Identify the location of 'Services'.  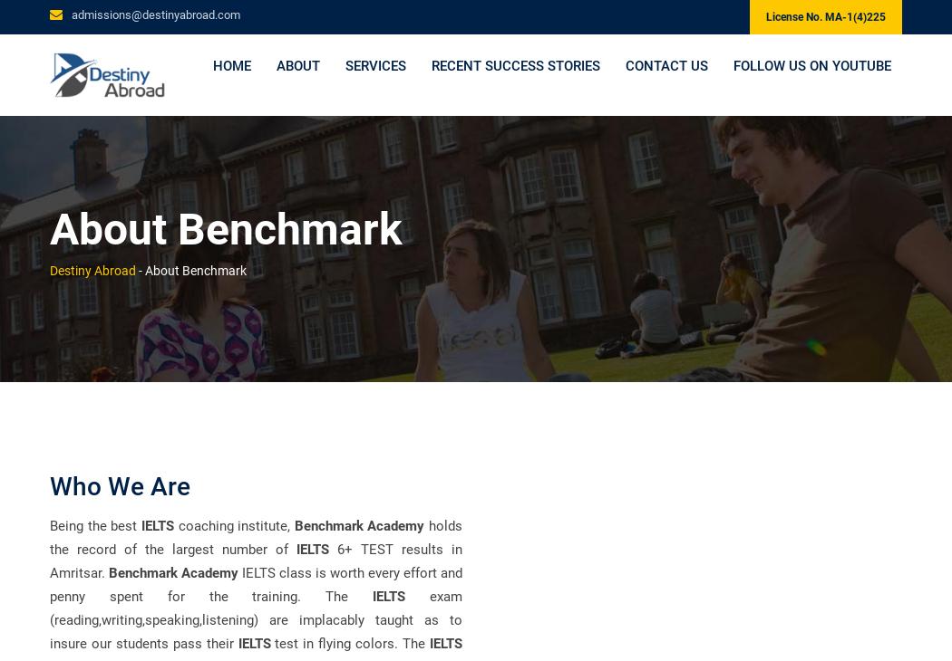
(374, 70).